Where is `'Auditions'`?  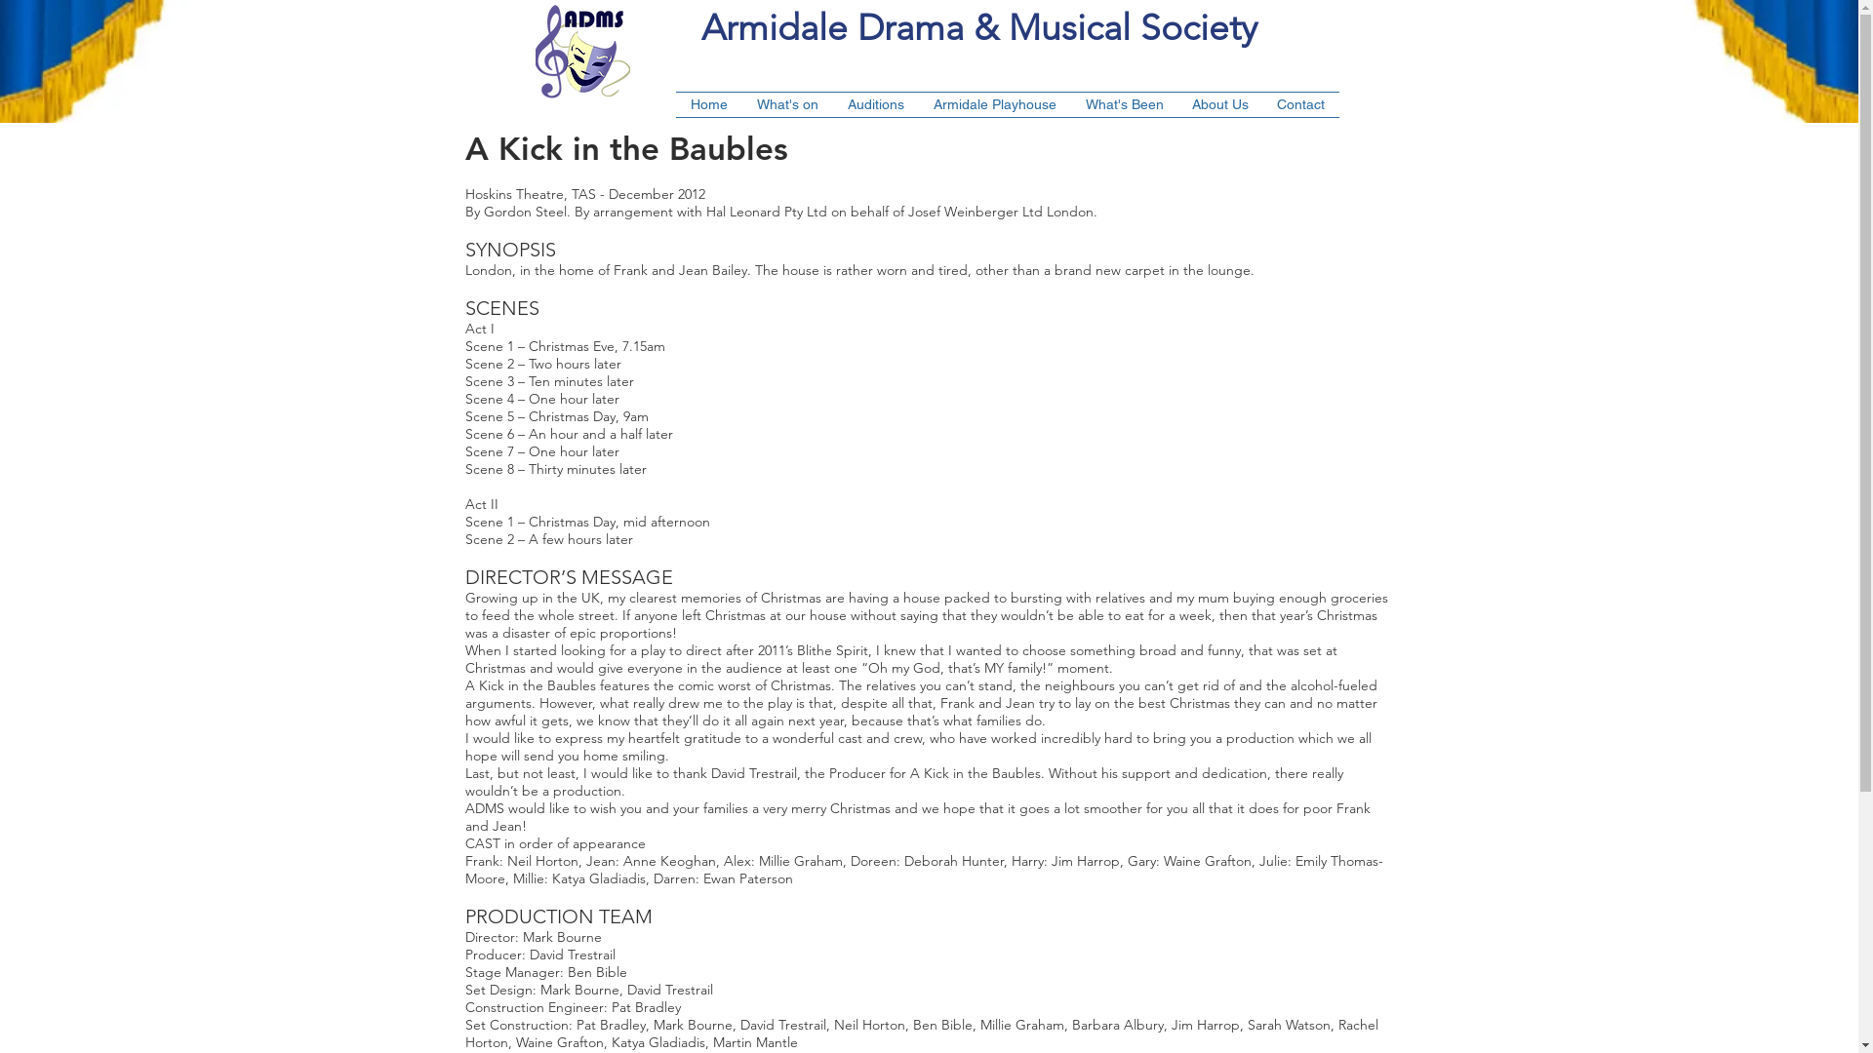 'Auditions' is located at coordinates (833, 104).